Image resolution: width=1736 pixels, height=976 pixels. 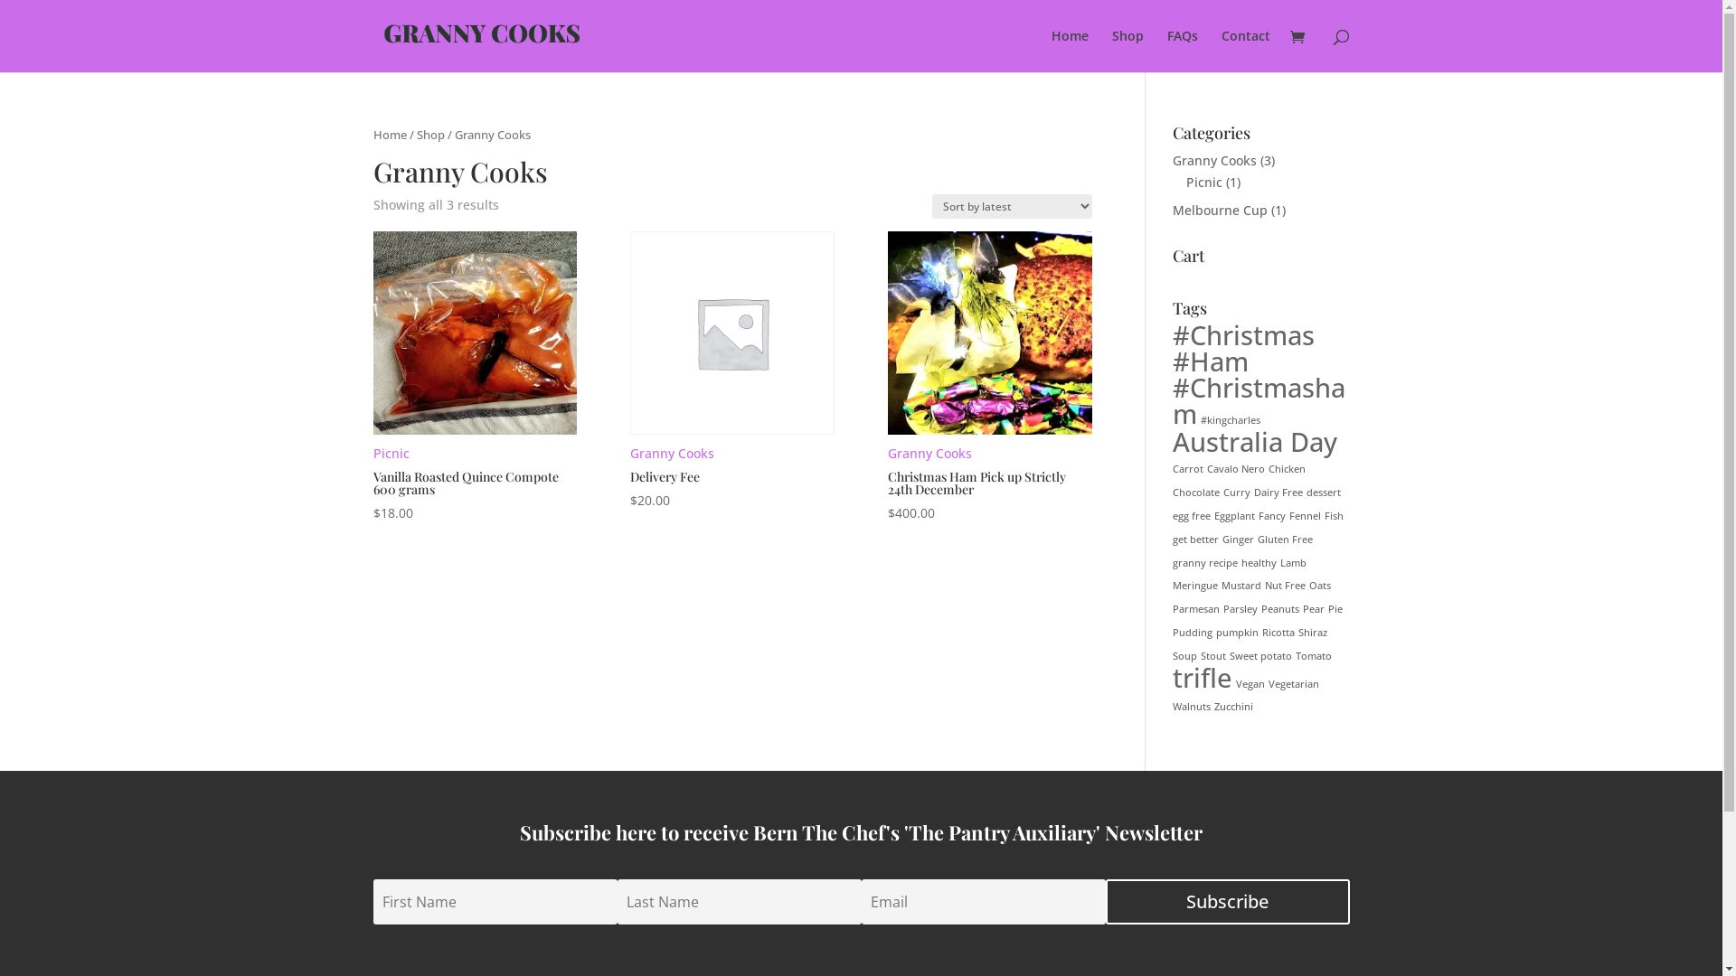 What do you see at coordinates (1201, 420) in the screenshot?
I see `'#kingcharles'` at bounding box center [1201, 420].